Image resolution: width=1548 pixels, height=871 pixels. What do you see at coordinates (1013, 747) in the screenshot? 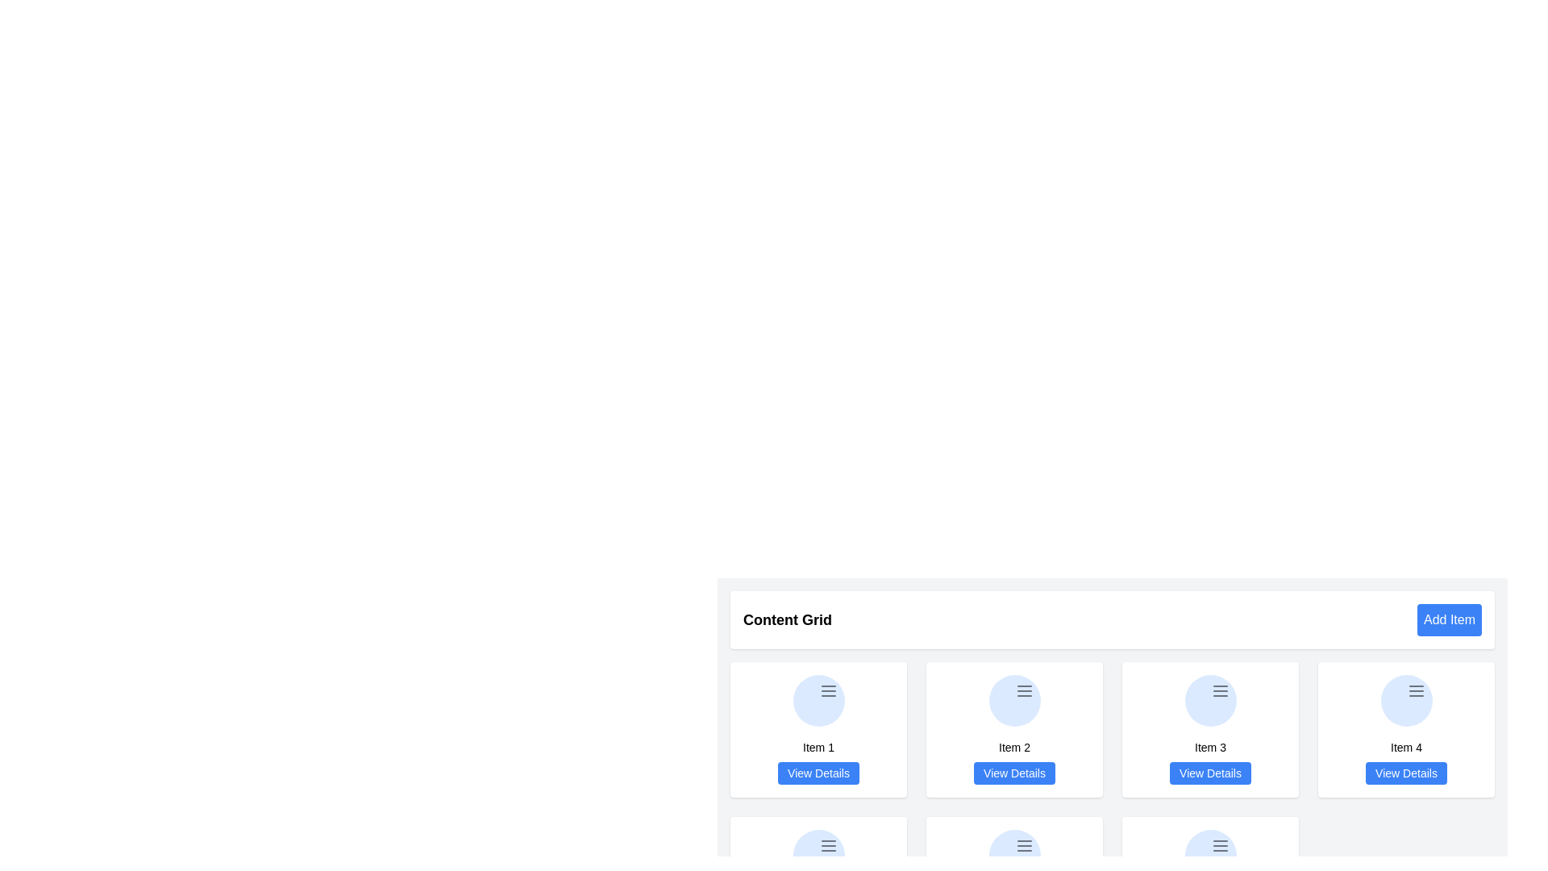
I see `the Text label that identifies the content or item within the associated box, positioned below an icon and above a 'View Details' button in the second box of the horizontally arranged list under 'Content Grid'` at bounding box center [1013, 747].